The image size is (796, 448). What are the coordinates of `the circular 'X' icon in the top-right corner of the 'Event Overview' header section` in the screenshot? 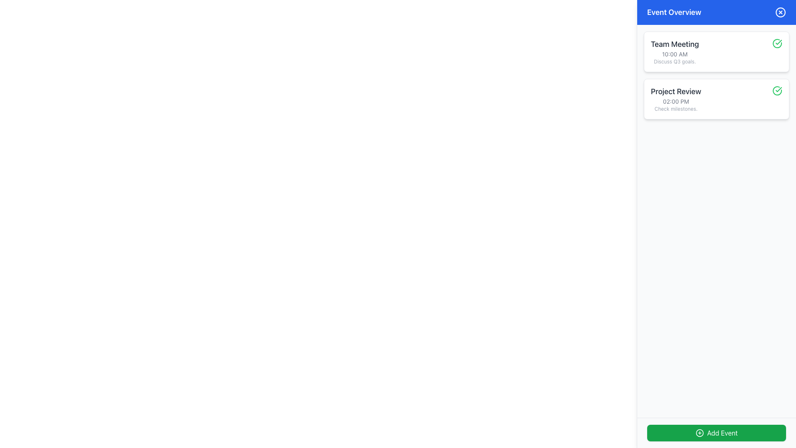 It's located at (780, 12).